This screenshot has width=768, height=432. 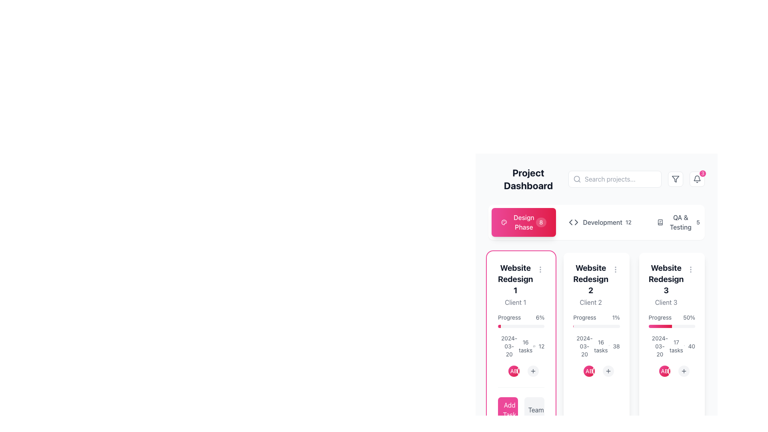 I want to click on the label indicating the purpose or category of the data displayed below, located in the rightmost card labeled 'Website Redesign 3', above the percentage value '50%' and progress bar, so click(x=660, y=317).